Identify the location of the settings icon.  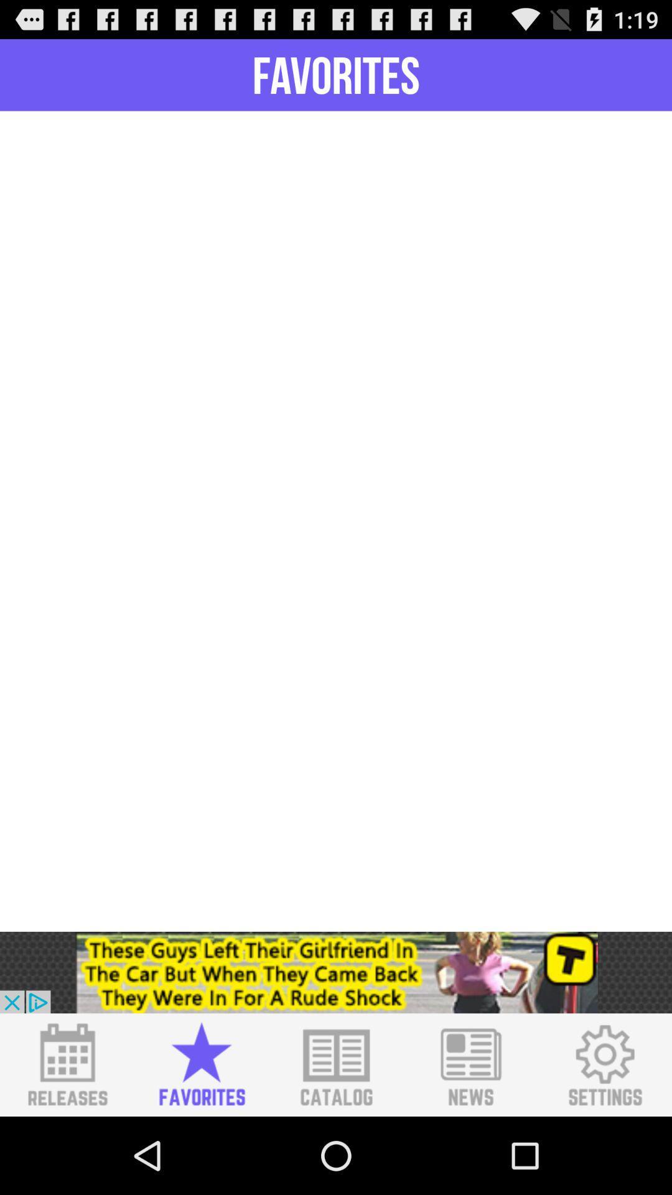
(604, 1140).